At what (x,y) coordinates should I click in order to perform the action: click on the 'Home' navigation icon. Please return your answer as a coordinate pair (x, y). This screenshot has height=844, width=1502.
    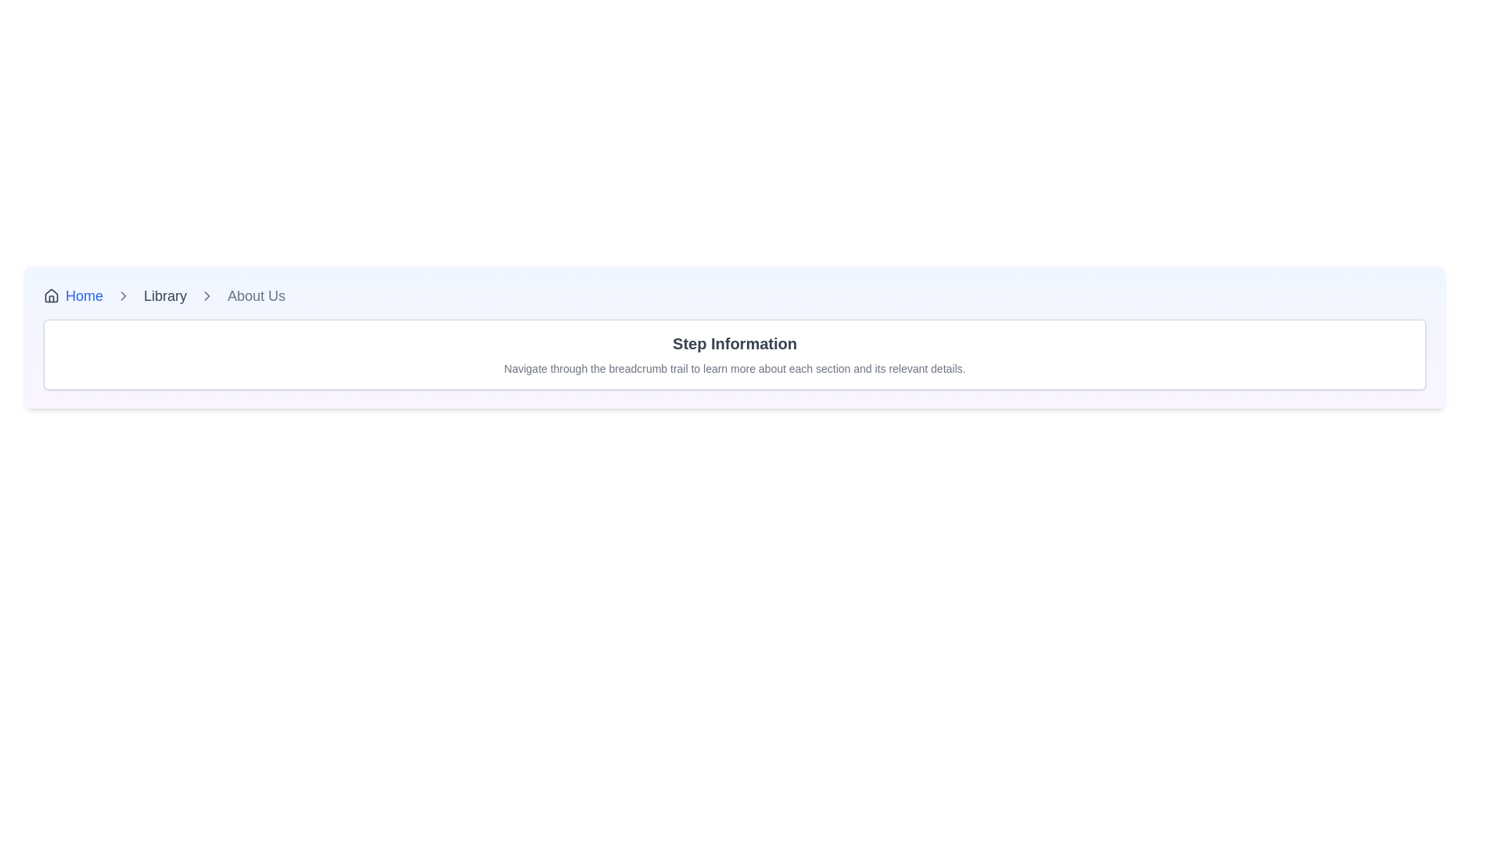
    Looking at the image, I should click on (52, 295).